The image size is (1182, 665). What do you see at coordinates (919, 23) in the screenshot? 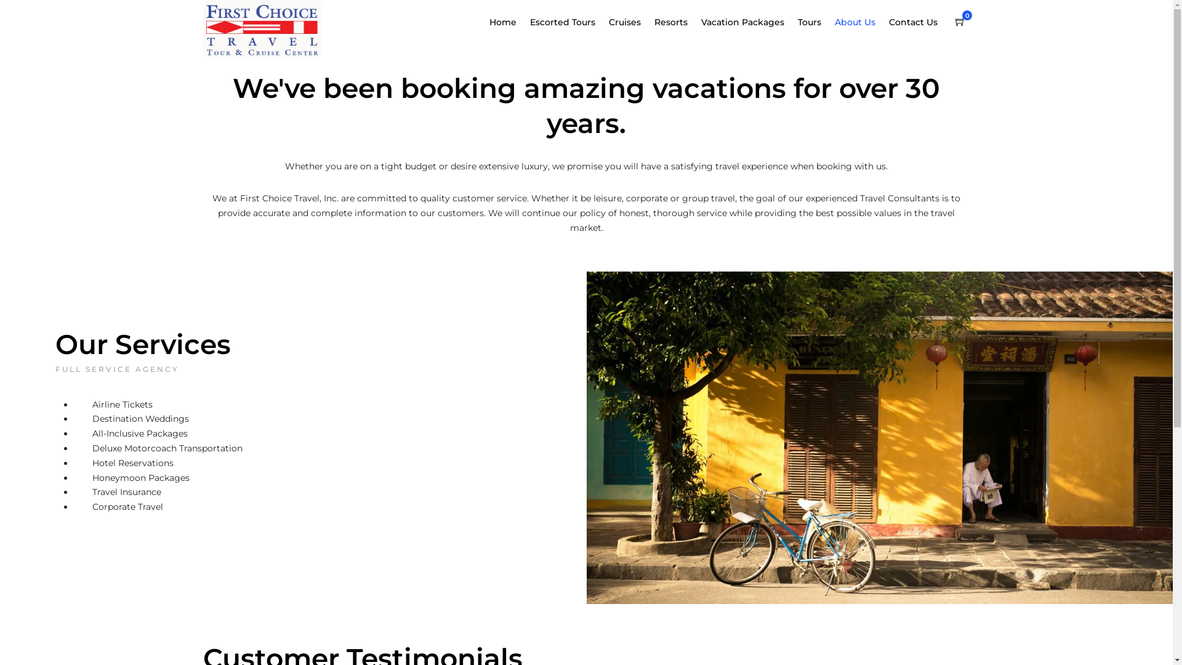
I see `'Contact Us'` at bounding box center [919, 23].